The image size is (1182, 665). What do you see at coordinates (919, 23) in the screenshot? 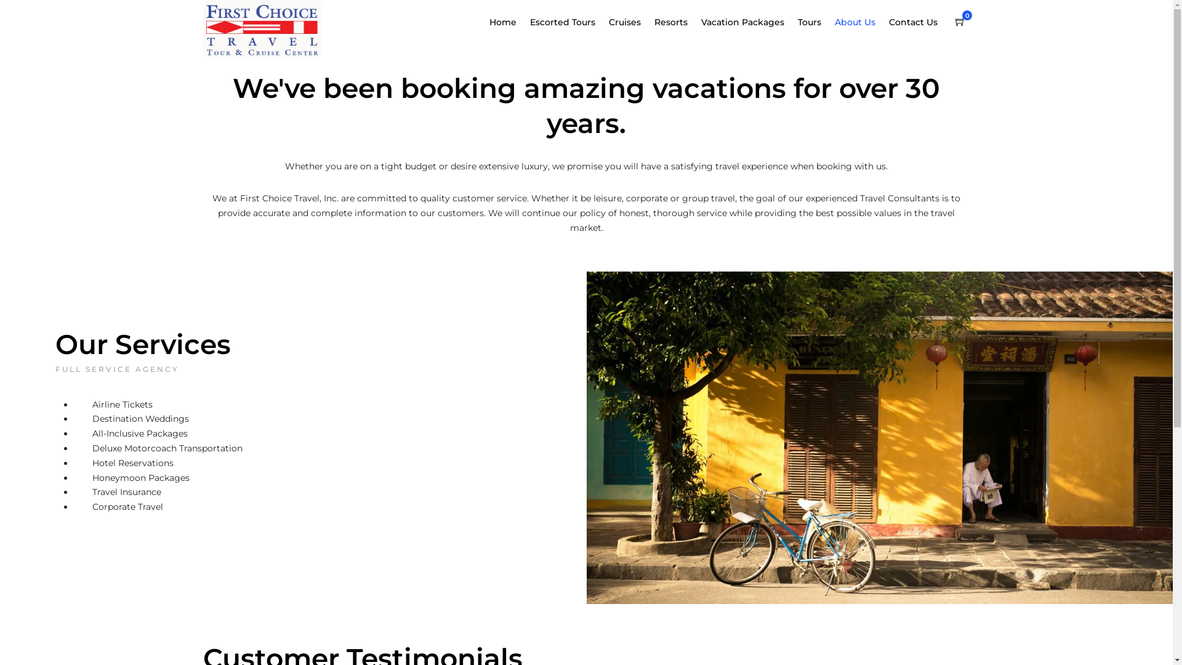
I see `'Contact Us'` at bounding box center [919, 23].